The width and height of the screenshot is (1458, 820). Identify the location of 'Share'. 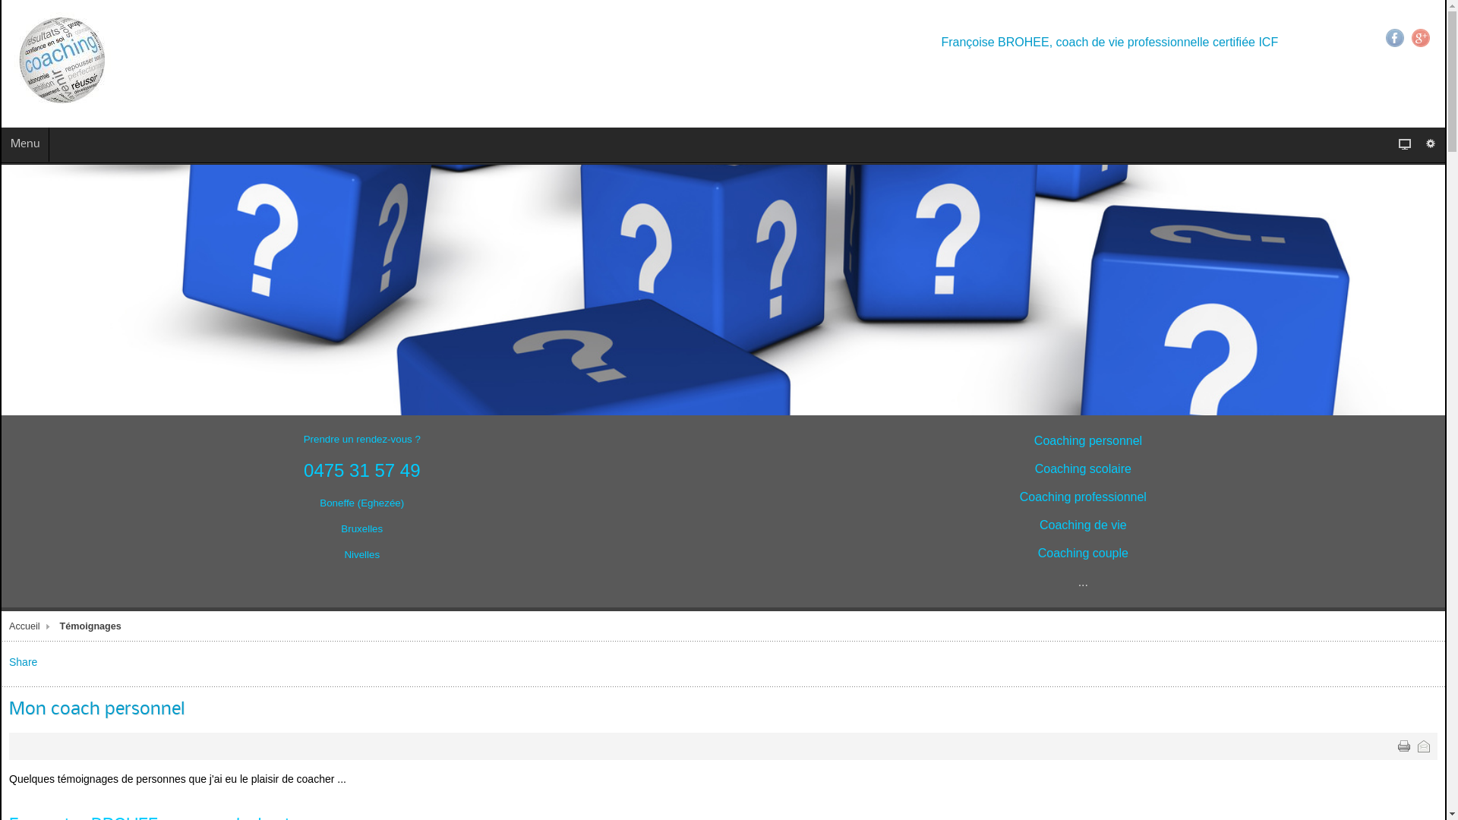
(23, 661).